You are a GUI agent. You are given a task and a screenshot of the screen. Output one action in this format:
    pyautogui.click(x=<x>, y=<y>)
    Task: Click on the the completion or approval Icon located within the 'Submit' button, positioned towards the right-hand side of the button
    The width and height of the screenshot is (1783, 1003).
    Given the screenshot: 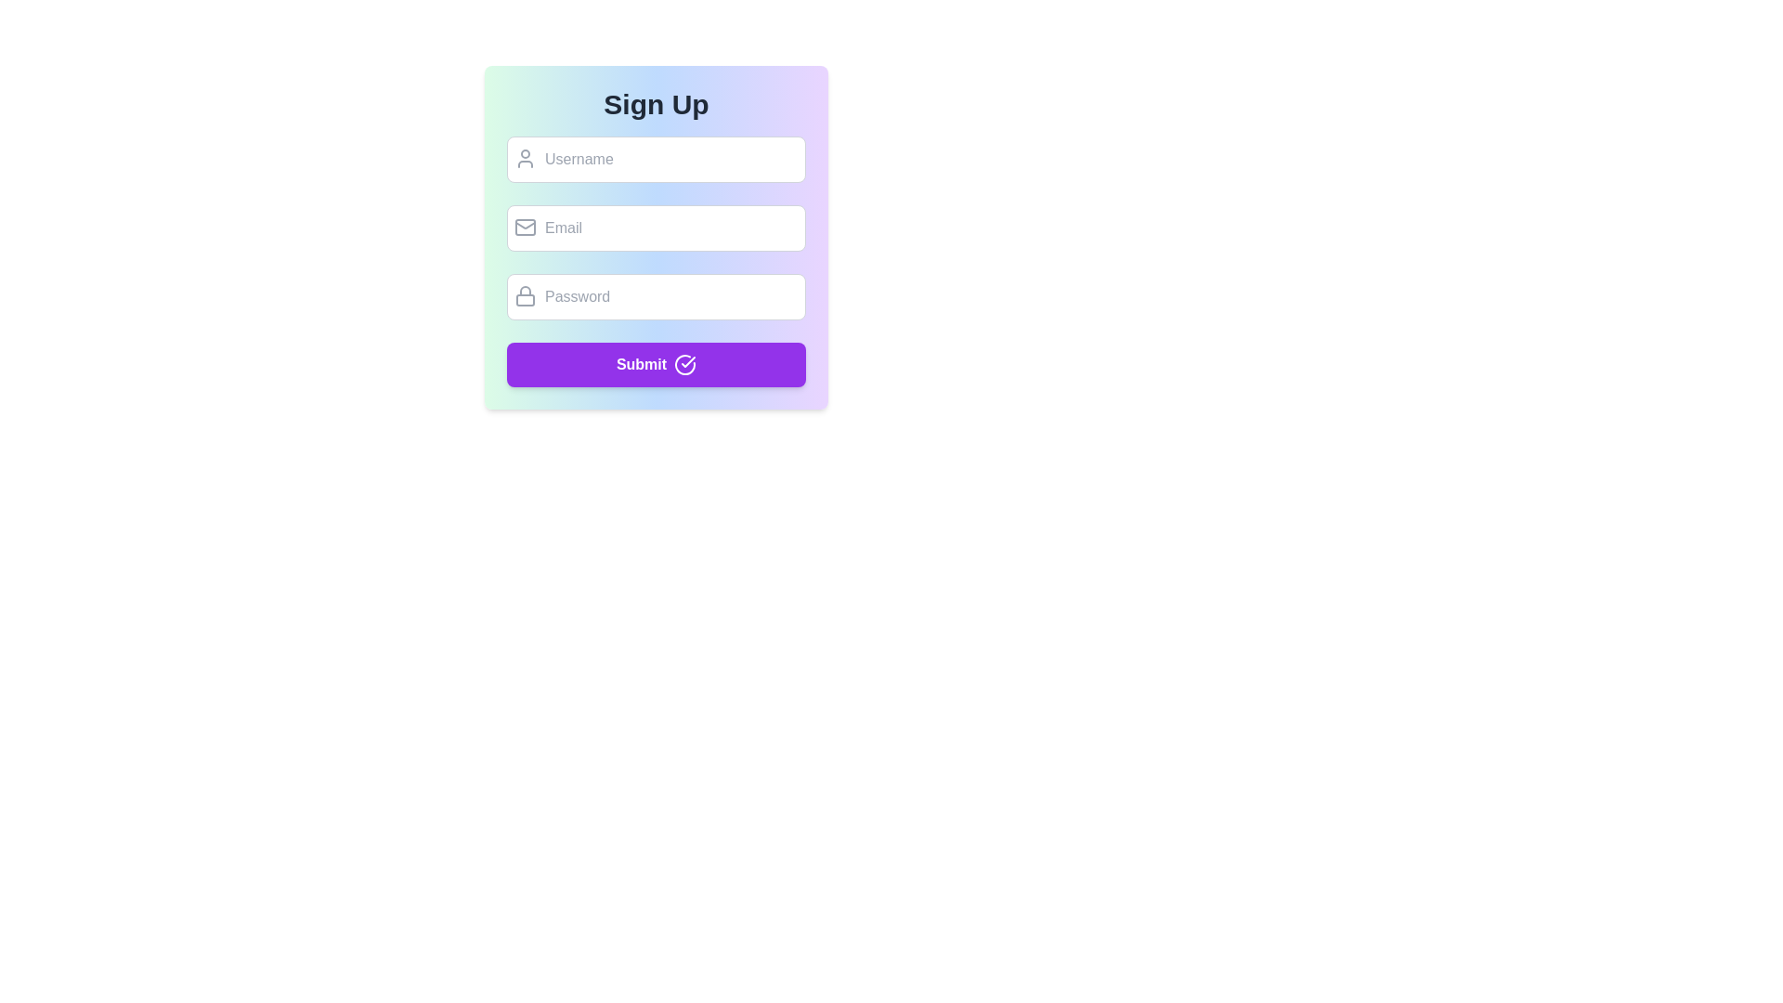 What is the action you would take?
    pyautogui.click(x=687, y=361)
    